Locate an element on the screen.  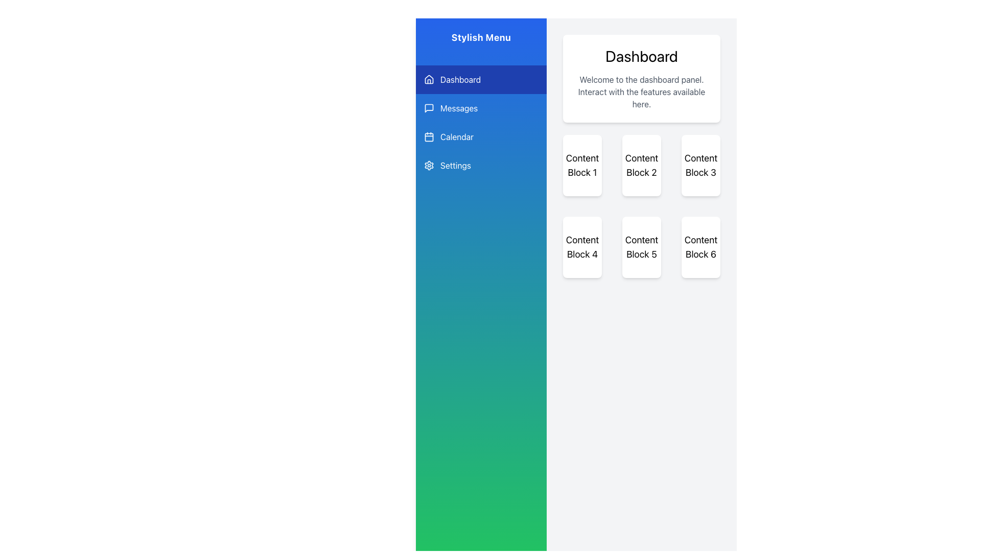
the house-shaped icon with a triangular roof and door, located next to the text 'Dashboard' in the vertical navigation bar is located at coordinates (429, 78).